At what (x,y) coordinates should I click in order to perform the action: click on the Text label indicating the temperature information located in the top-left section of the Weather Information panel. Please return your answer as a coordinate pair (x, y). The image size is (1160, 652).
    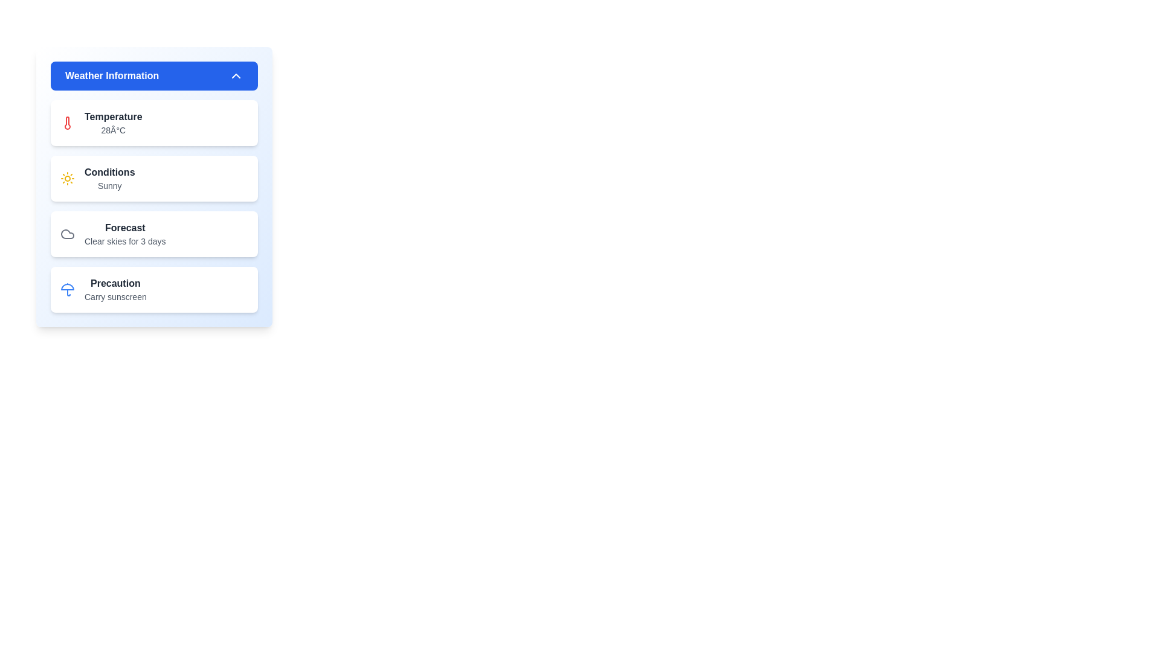
    Looking at the image, I should click on (113, 117).